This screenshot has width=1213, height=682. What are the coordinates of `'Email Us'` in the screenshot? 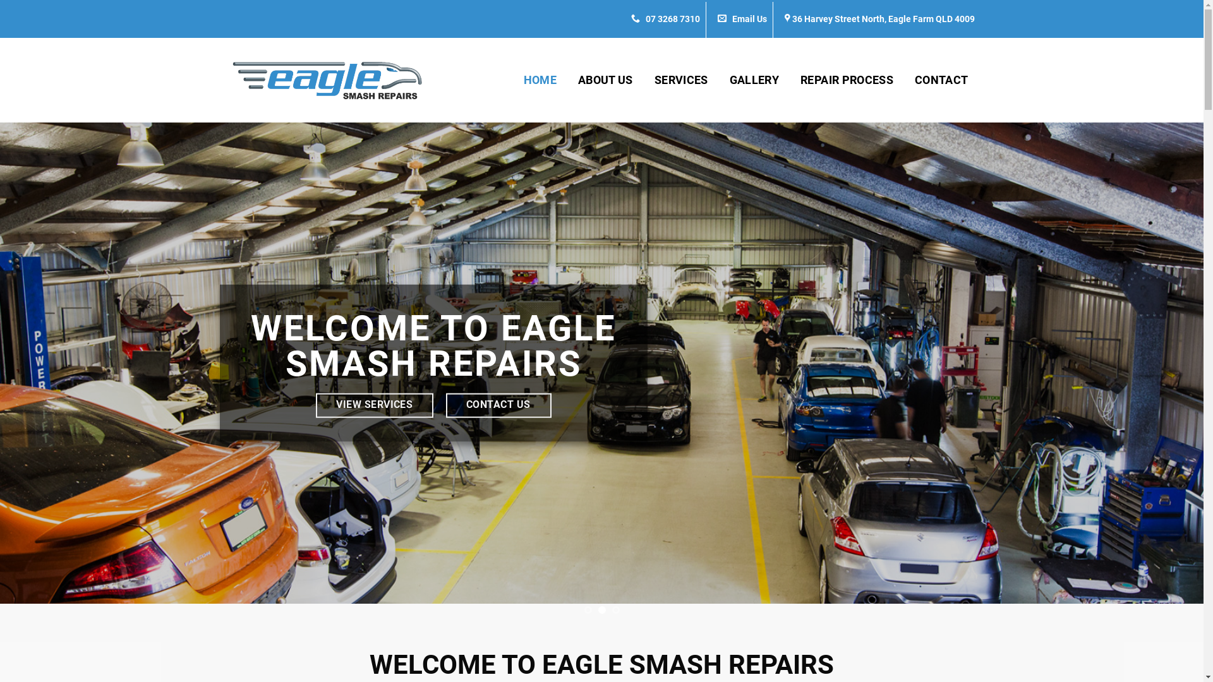 It's located at (742, 19).